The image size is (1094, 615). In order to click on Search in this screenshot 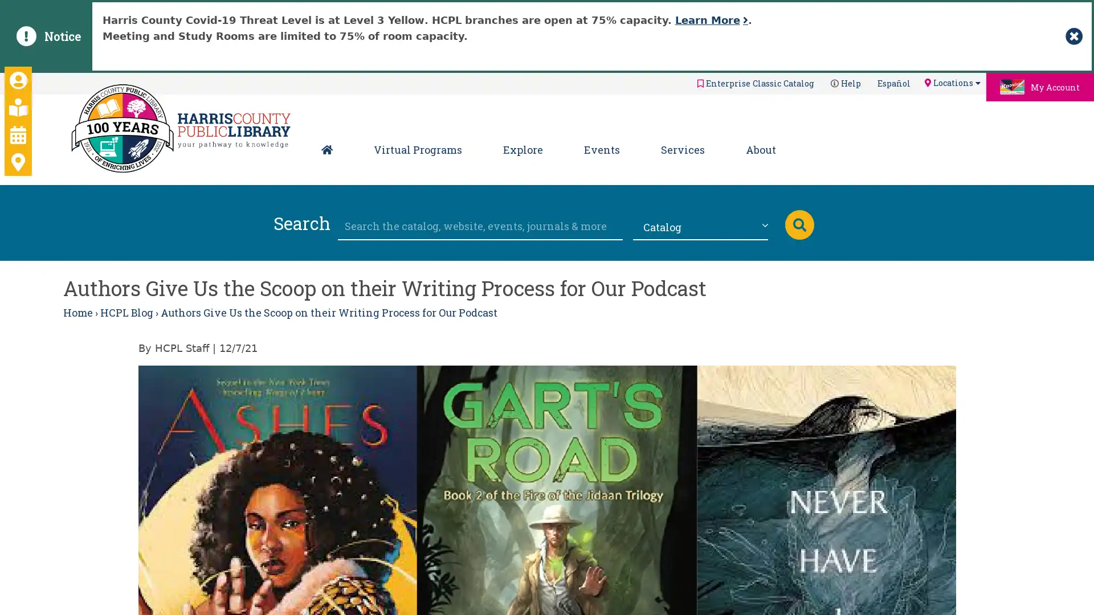, I will do `click(798, 224)`.